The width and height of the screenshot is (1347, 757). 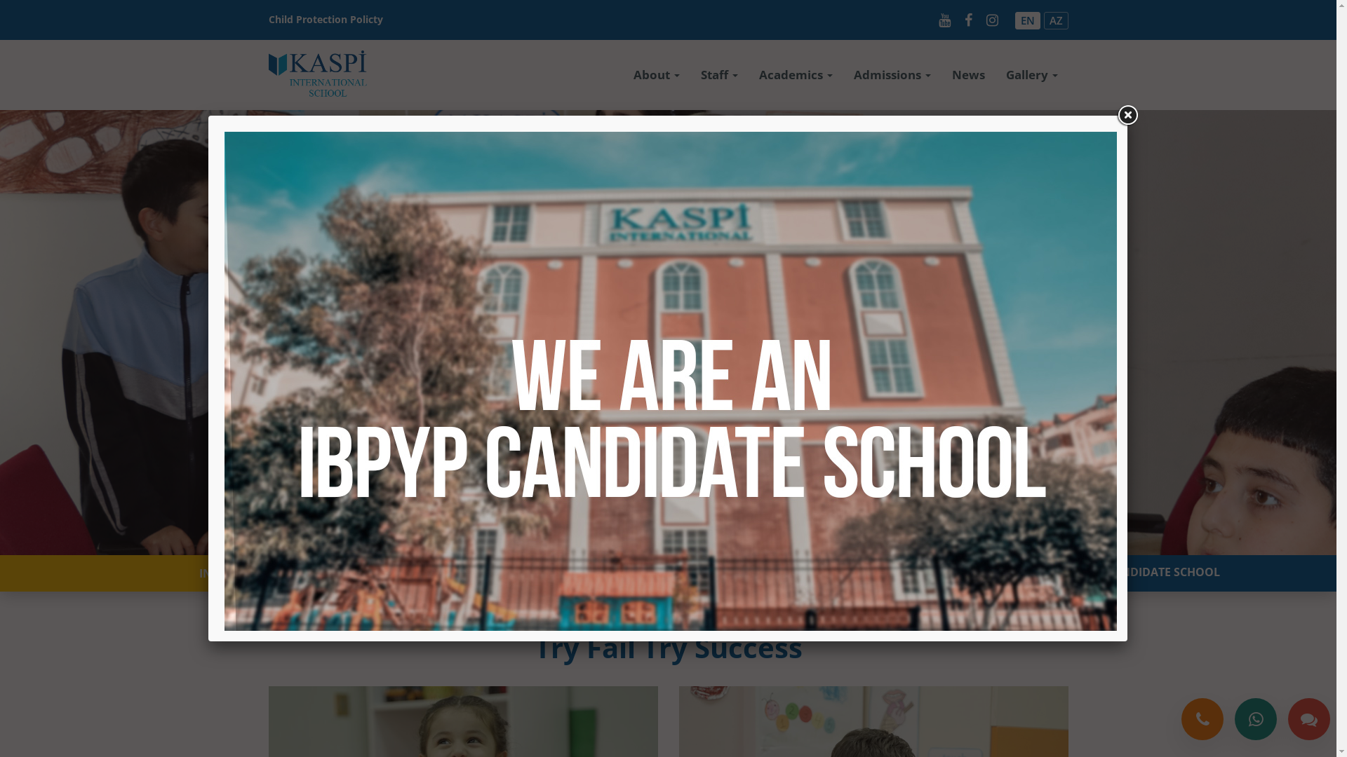 What do you see at coordinates (719, 75) in the screenshot?
I see `'Staff'` at bounding box center [719, 75].